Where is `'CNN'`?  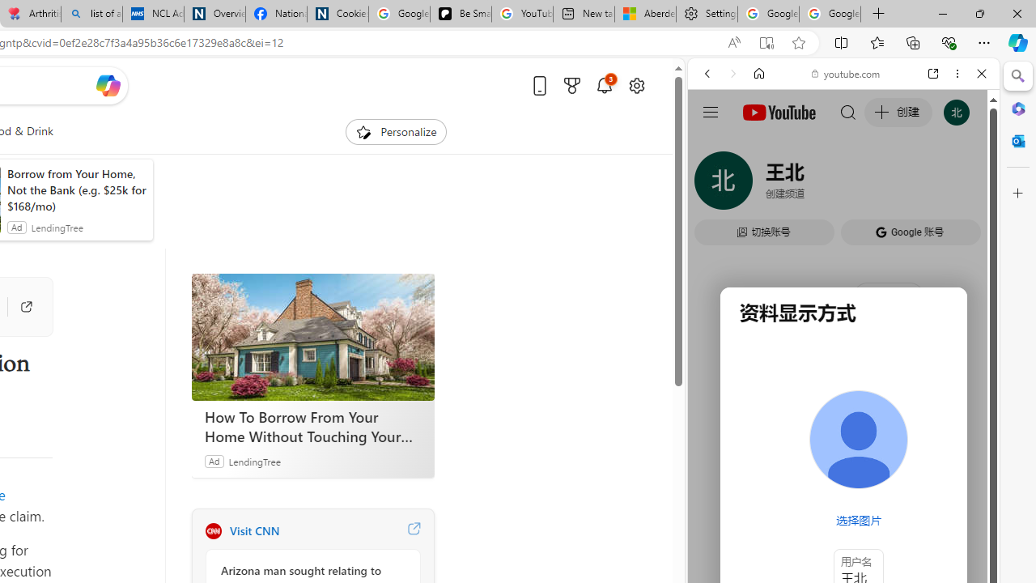
'CNN' is located at coordinates (212, 530).